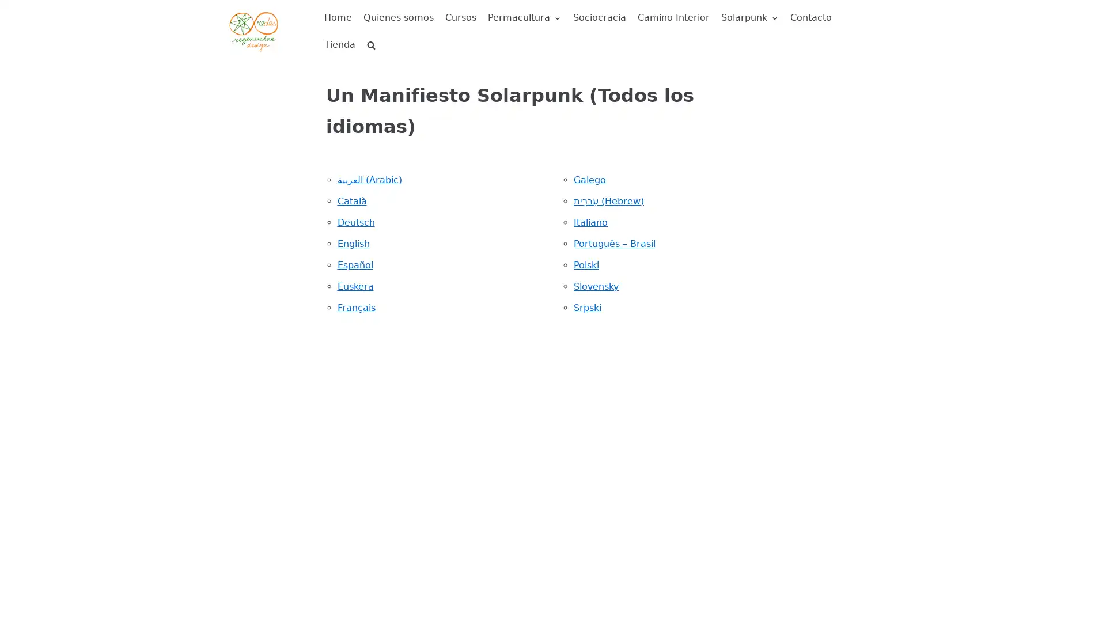 The height and width of the screenshot is (622, 1106). I want to click on Buscar, so click(350, 70).